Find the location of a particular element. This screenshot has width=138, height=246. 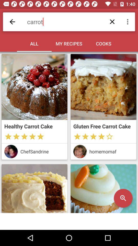

chefs profile picture is located at coordinates (11, 151).